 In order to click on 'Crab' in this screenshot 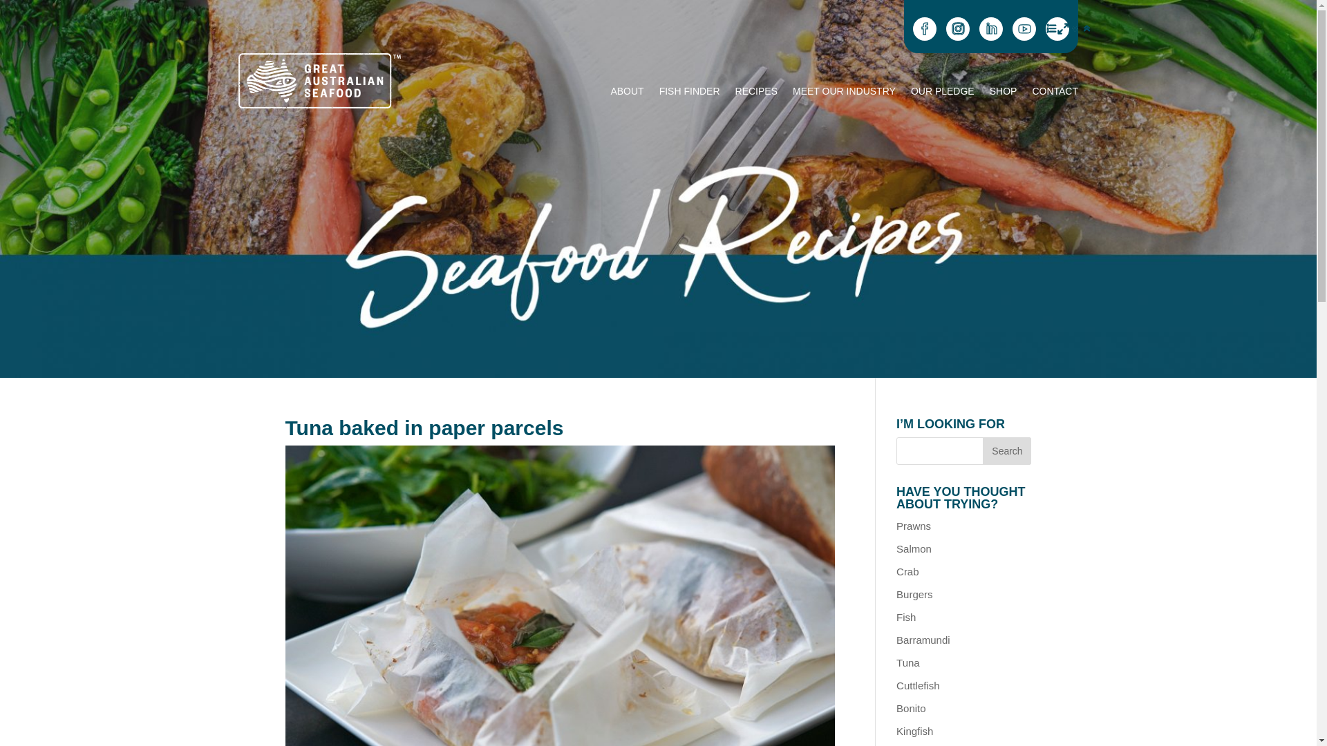, I will do `click(907, 571)`.